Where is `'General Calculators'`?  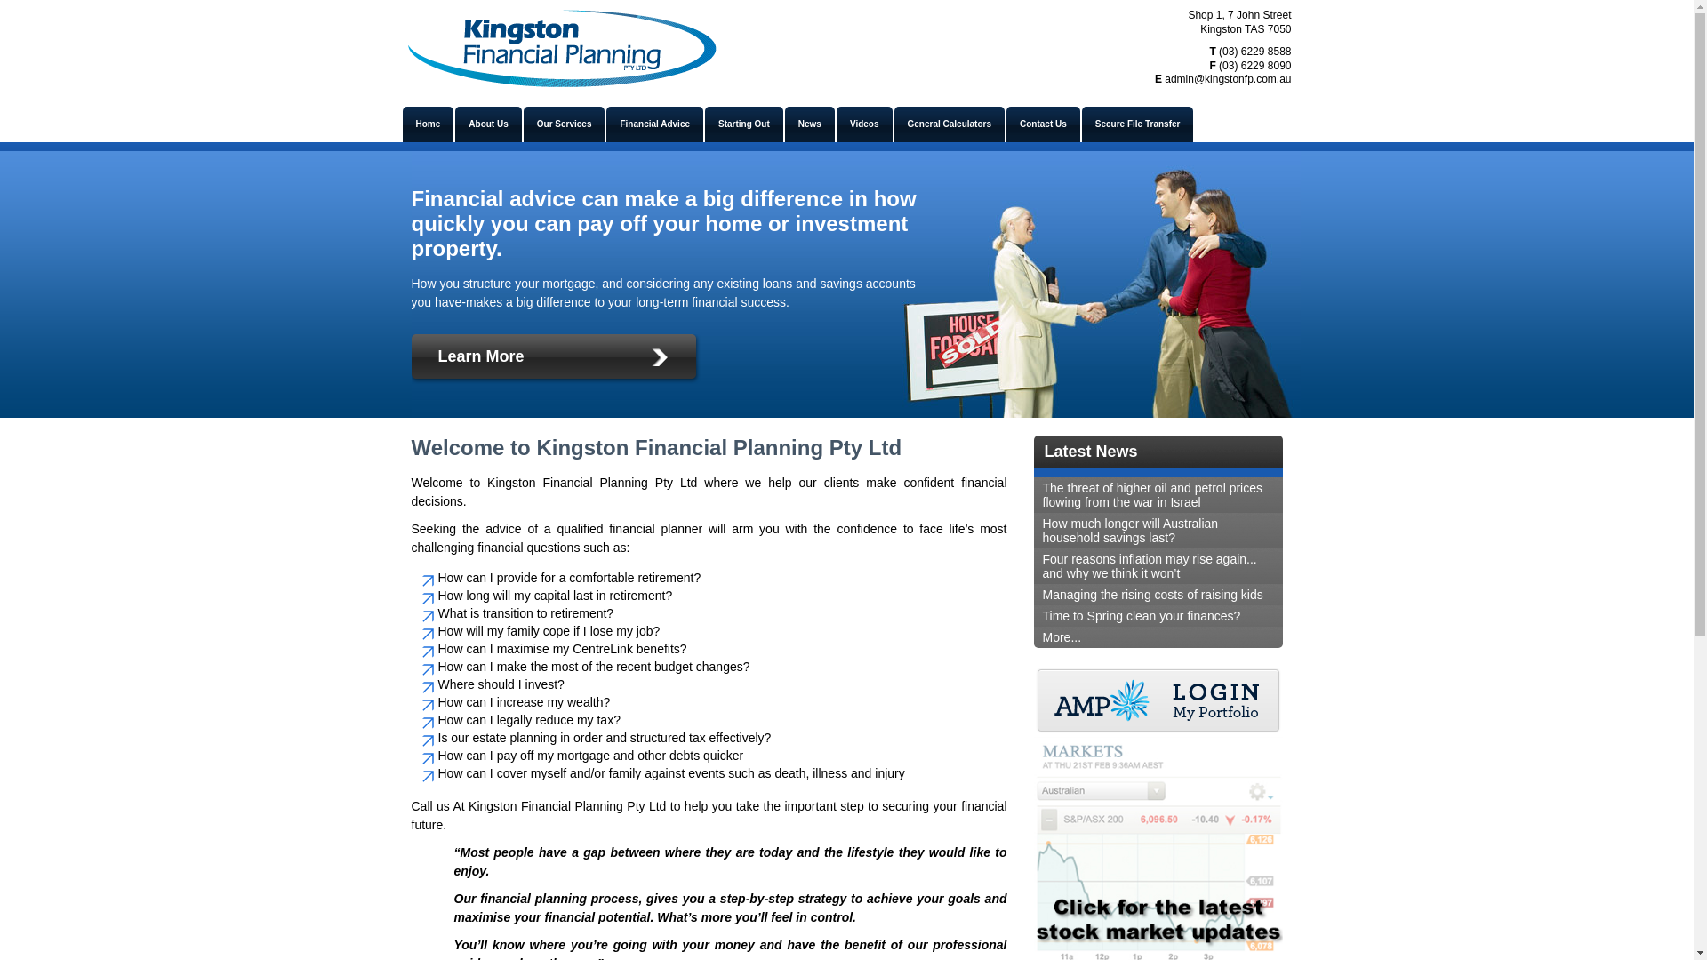
'General Calculators' is located at coordinates (948, 123).